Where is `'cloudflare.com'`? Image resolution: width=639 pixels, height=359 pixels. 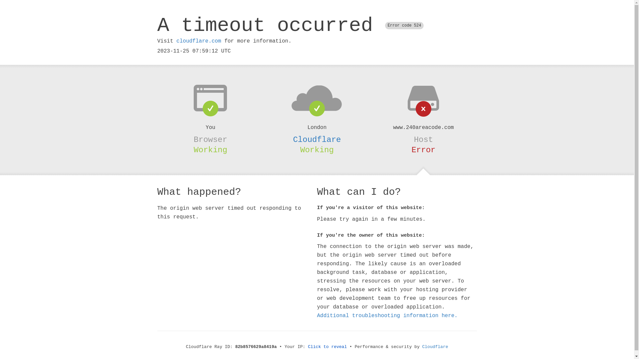 'cloudflare.com' is located at coordinates (198, 41).